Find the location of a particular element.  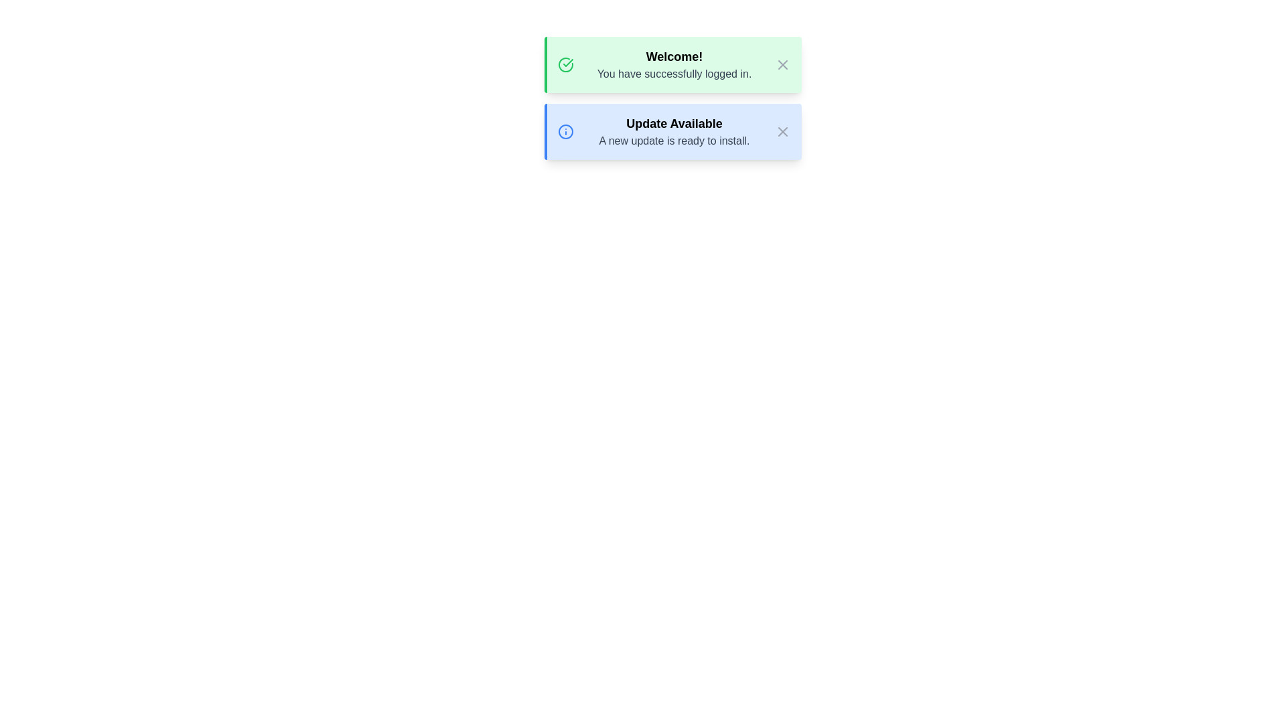

the 'X' icon located on the right side of the green notification box with the message 'Welcome! You have successfully logged in.' is located at coordinates (783, 64).